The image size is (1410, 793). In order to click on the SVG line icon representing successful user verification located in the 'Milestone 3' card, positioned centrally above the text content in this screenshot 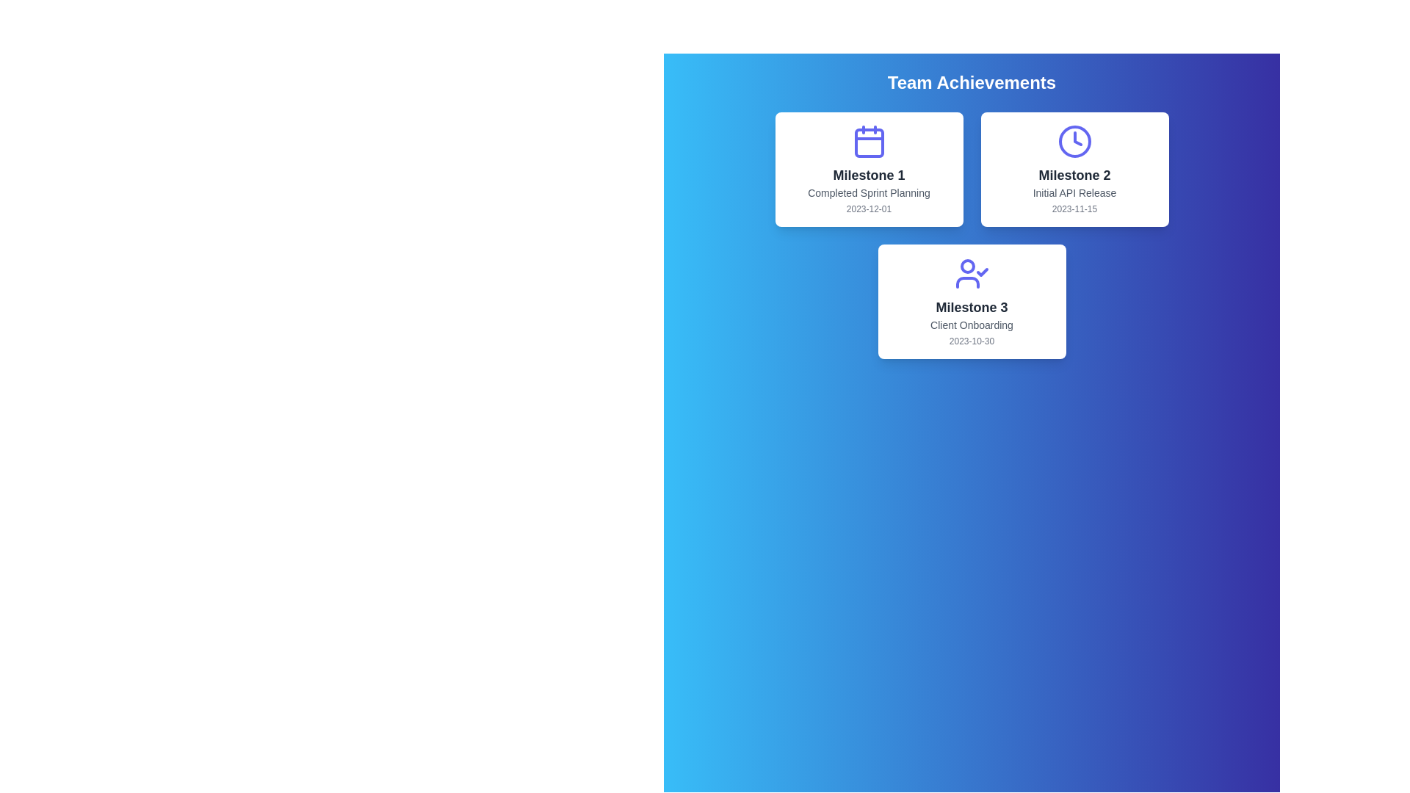, I will do `click(972, 274)`.